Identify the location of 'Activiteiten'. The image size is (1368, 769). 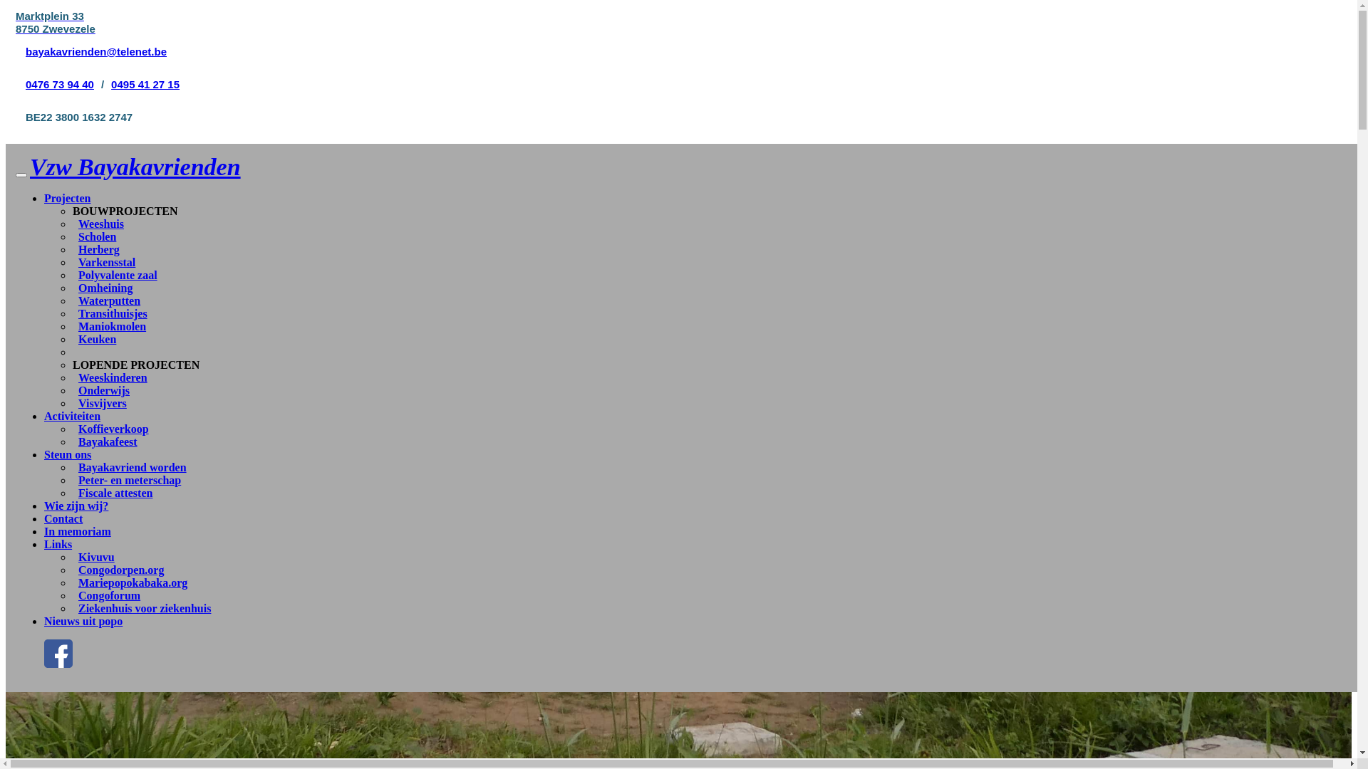
(71, 416).